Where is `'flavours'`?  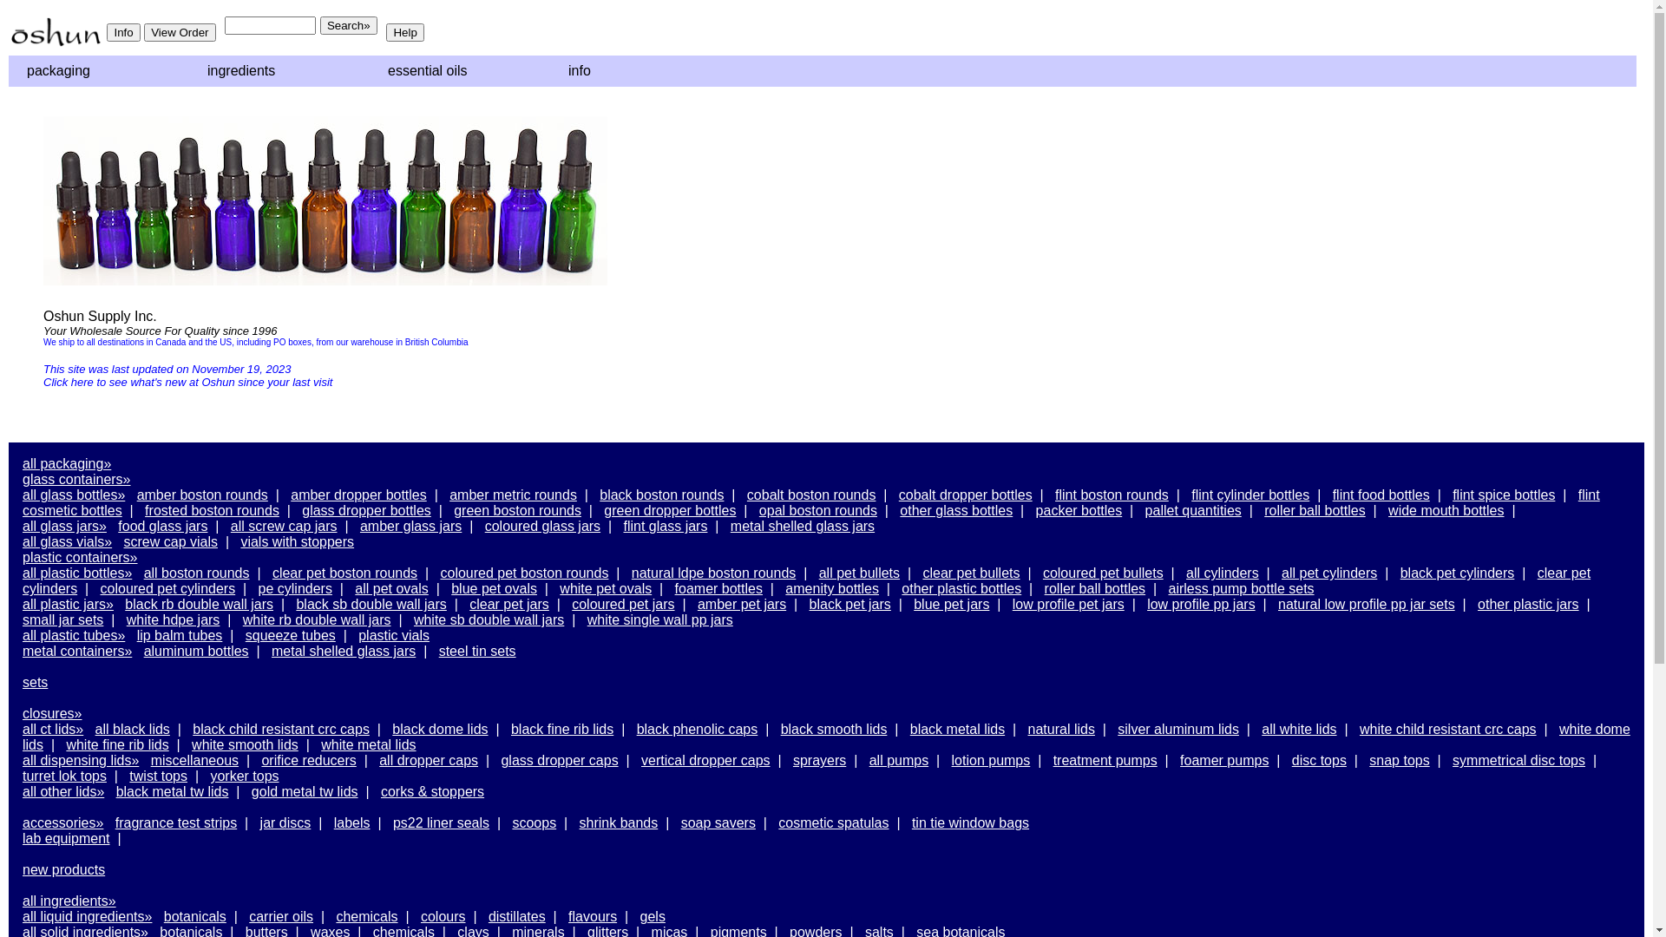 'flavours' is located at coordinates (592, 915).